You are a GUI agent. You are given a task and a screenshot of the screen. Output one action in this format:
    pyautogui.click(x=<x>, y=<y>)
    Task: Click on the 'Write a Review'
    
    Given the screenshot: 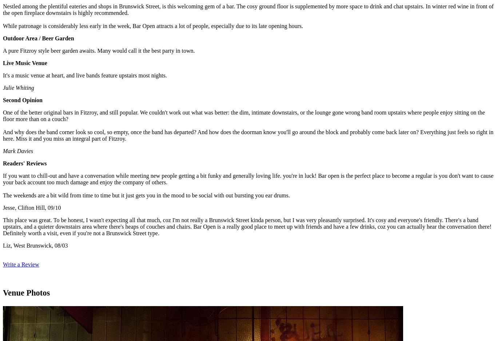 What is the action you would take?
    pyautogui.click(x=21, y=264)
    